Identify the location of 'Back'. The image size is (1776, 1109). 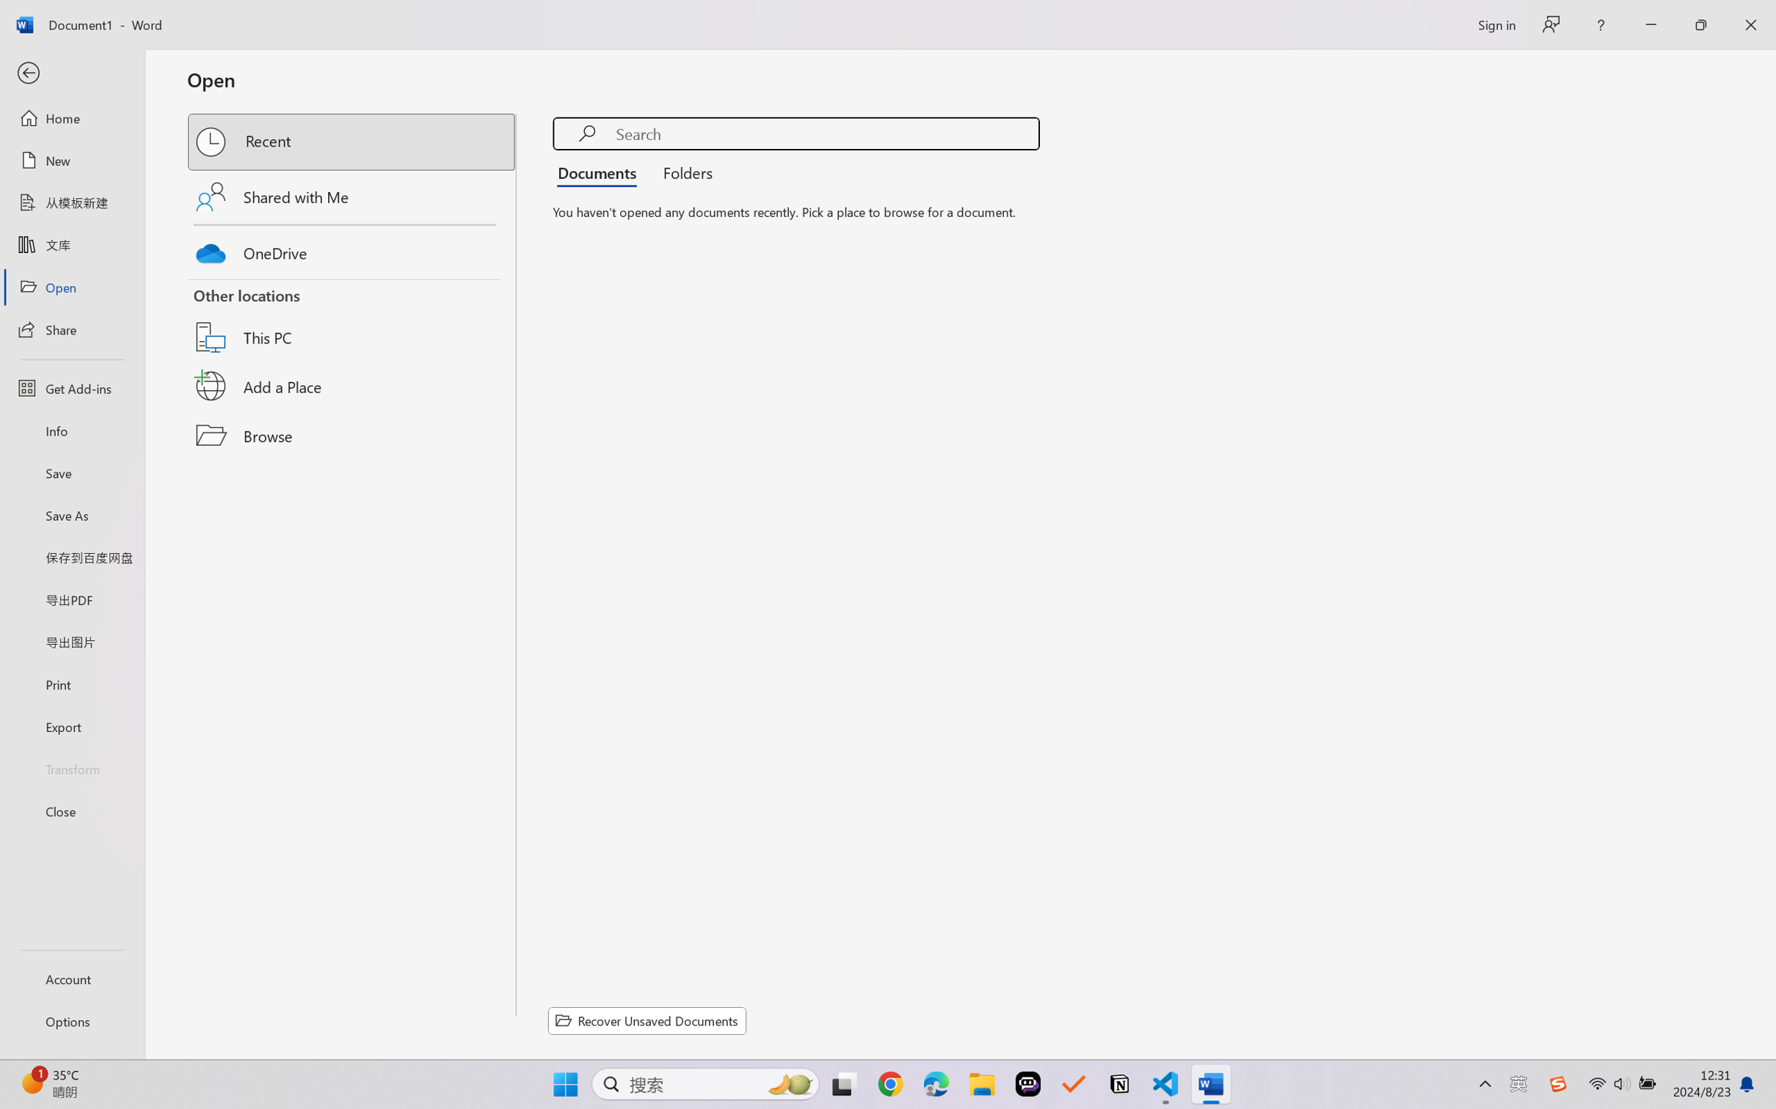
(71, 73).